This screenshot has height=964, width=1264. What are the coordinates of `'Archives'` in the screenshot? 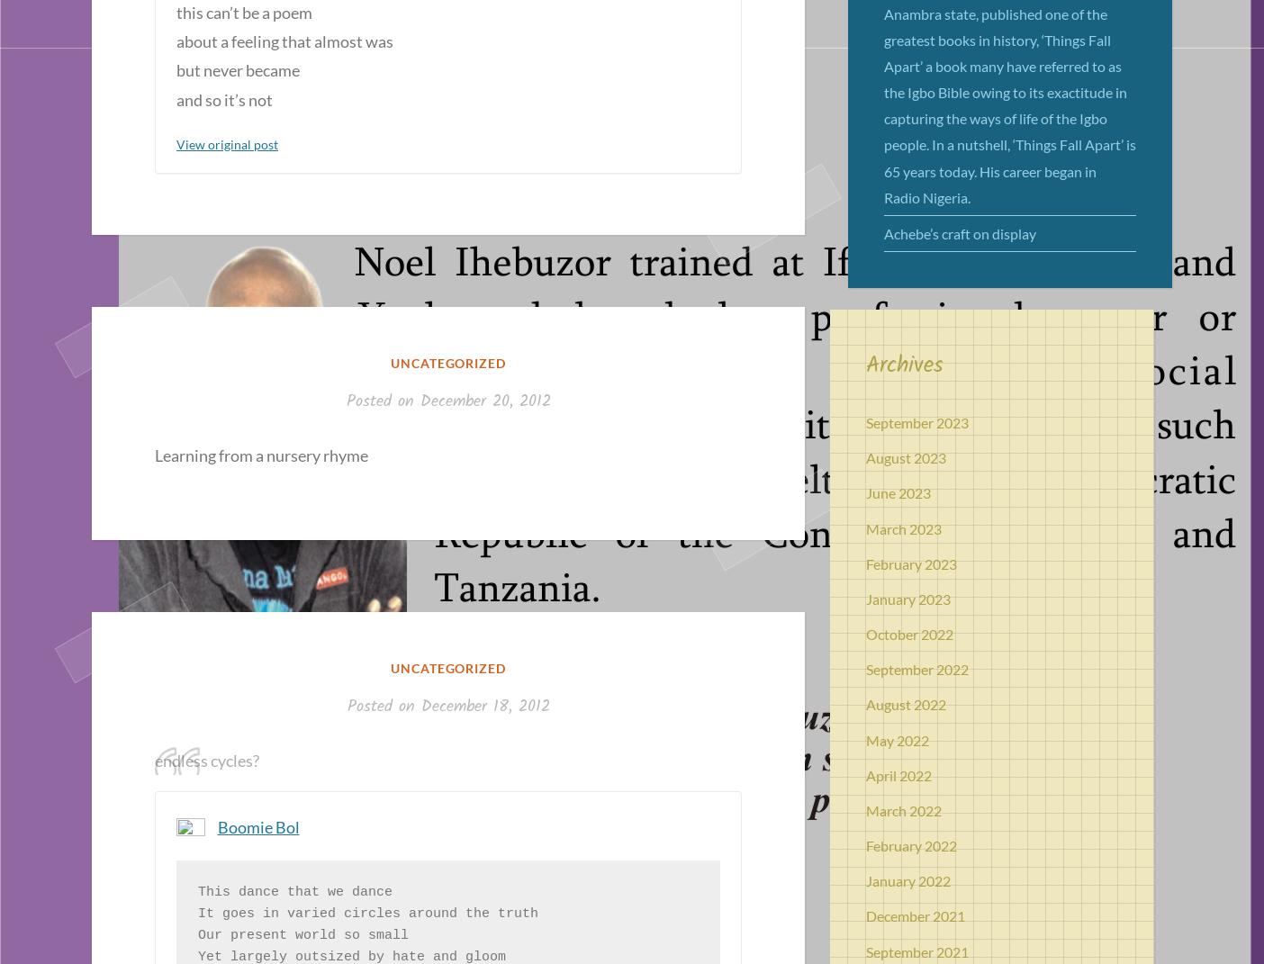 It's located at (904, 365).